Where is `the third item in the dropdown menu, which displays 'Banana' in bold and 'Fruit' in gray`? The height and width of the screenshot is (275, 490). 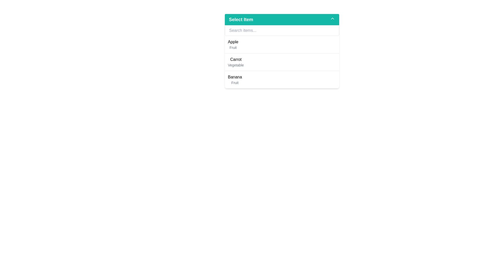 the third item in the dropdown menu, which displays 'Banana' in bold and 'Fruit' in gray is located at coordinates (281, 79).